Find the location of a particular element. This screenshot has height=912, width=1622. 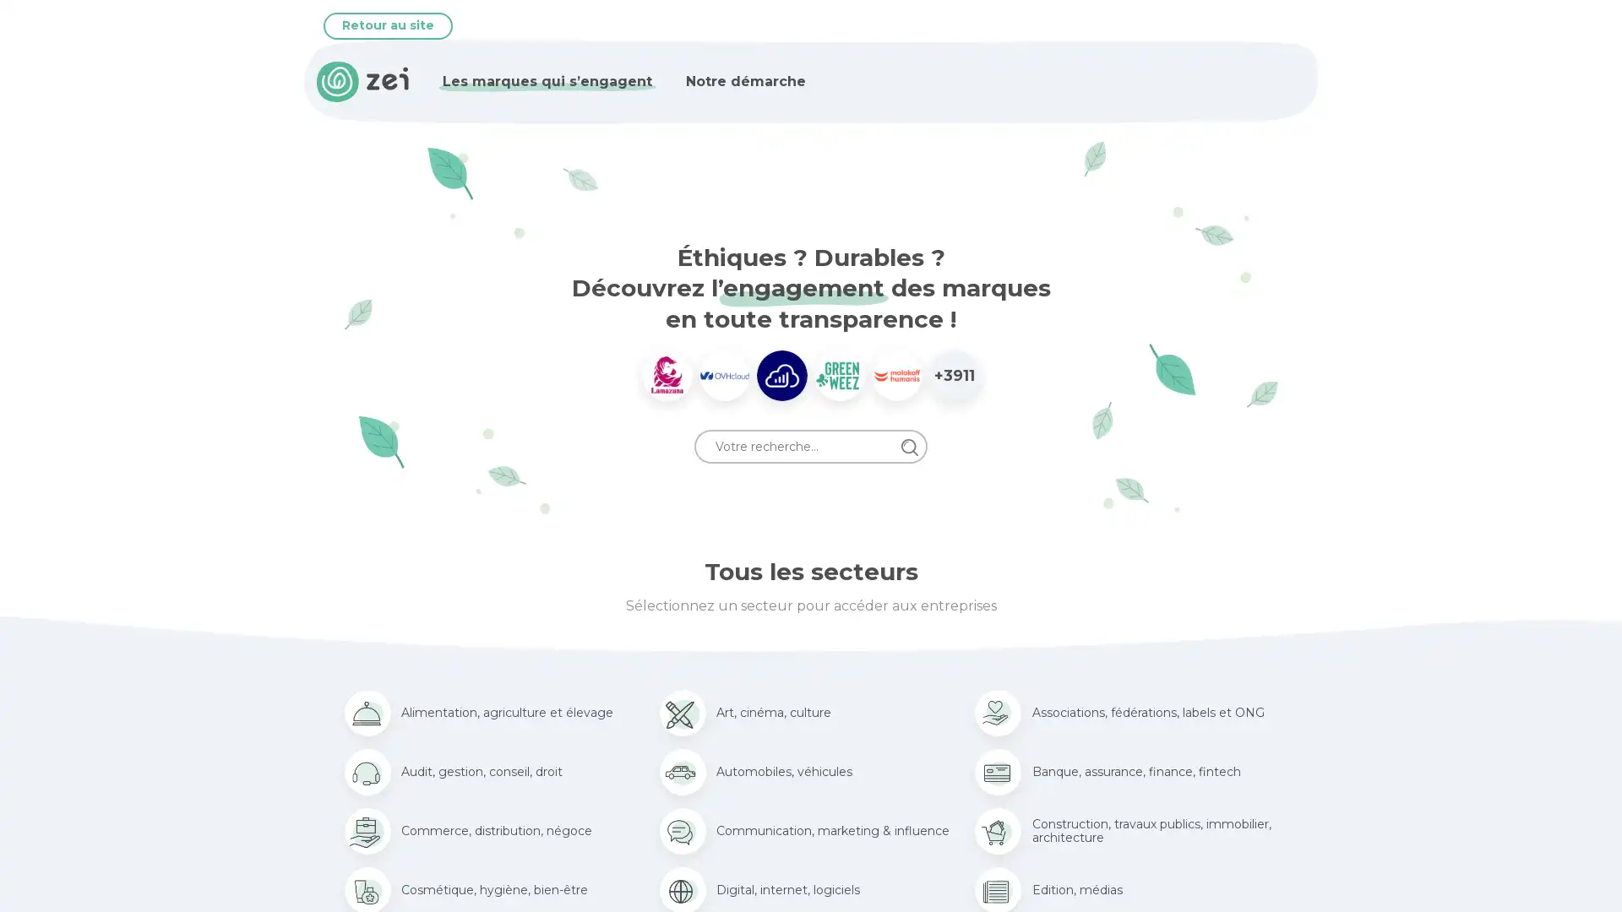

Rechercher sur Zei is located at coordinates (907, 445).